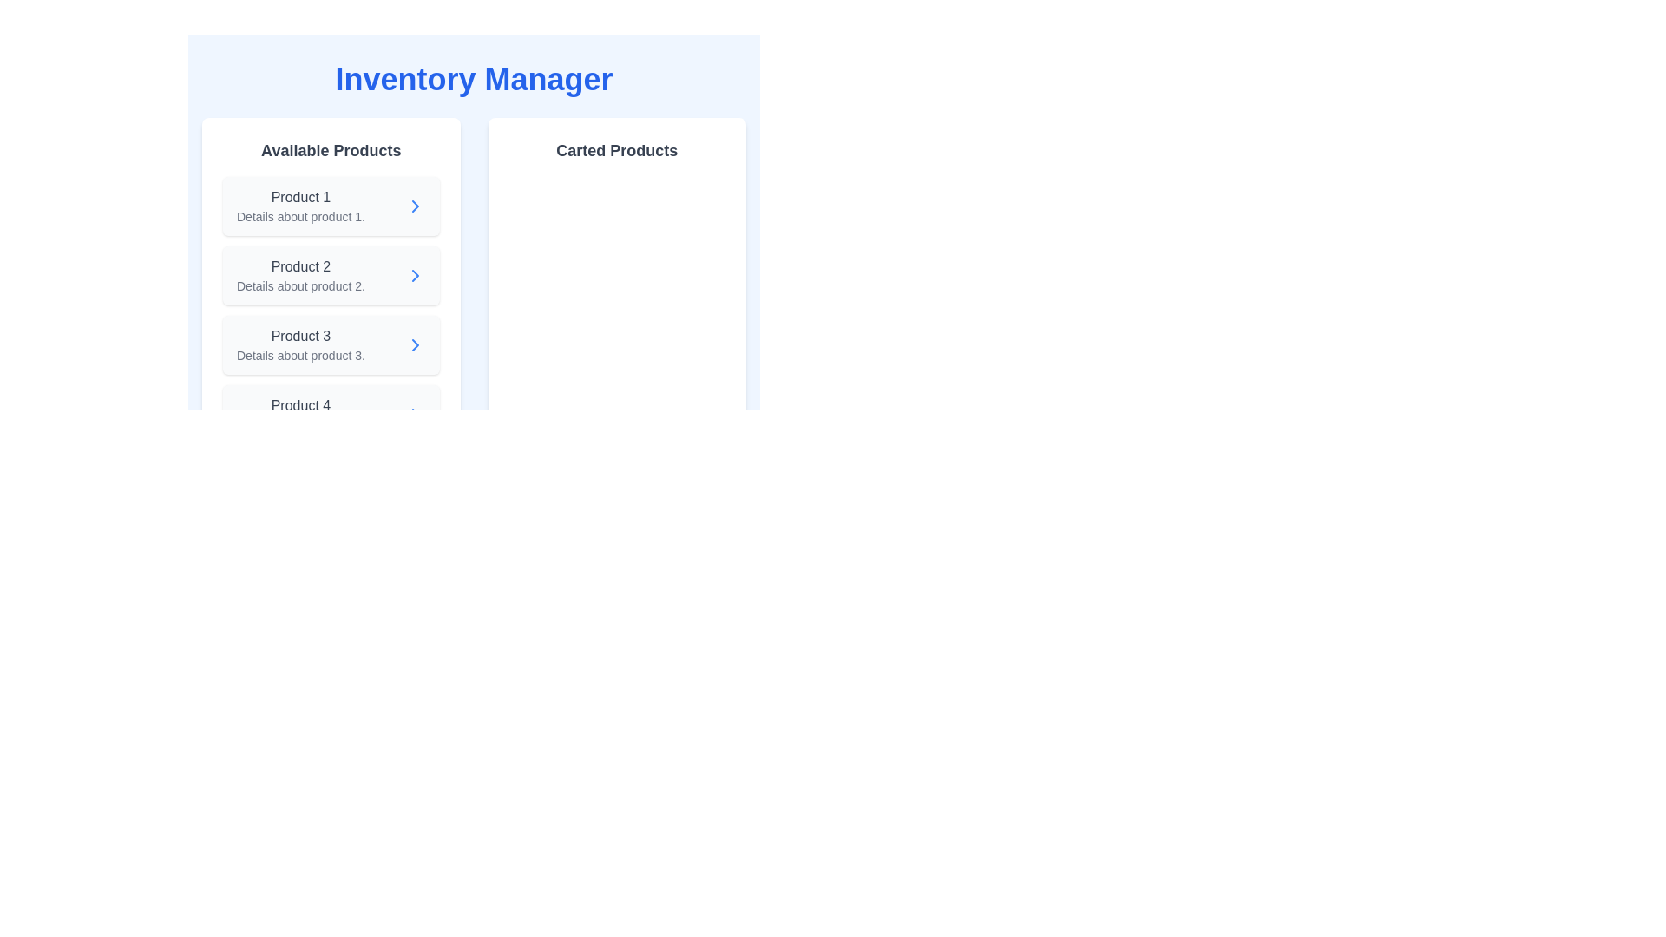 The image size is (1666, 937). I want to click on the third item in the 'Available Products' list, so click(300, 344).